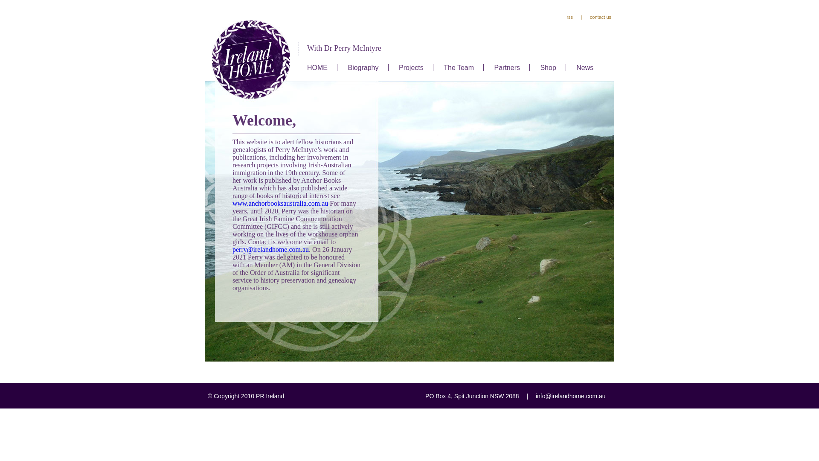 This screenshot has height=461, width=819. What do you see at coordinates (317, 67) in the screenshot?
I see `'HOME'` at bounding box center [317, 67].